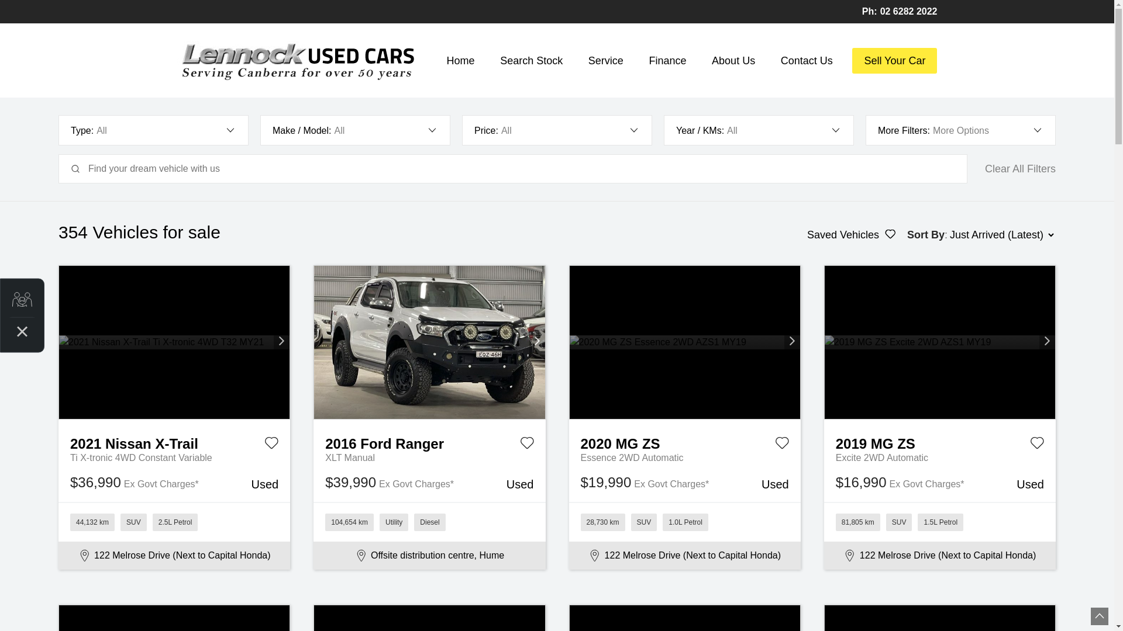 The height and width of the screenshot is (631, 1123). Describe the element at coordinates (851, 234) in the screenshot. I see `'Saved Vehicles'` at that location.